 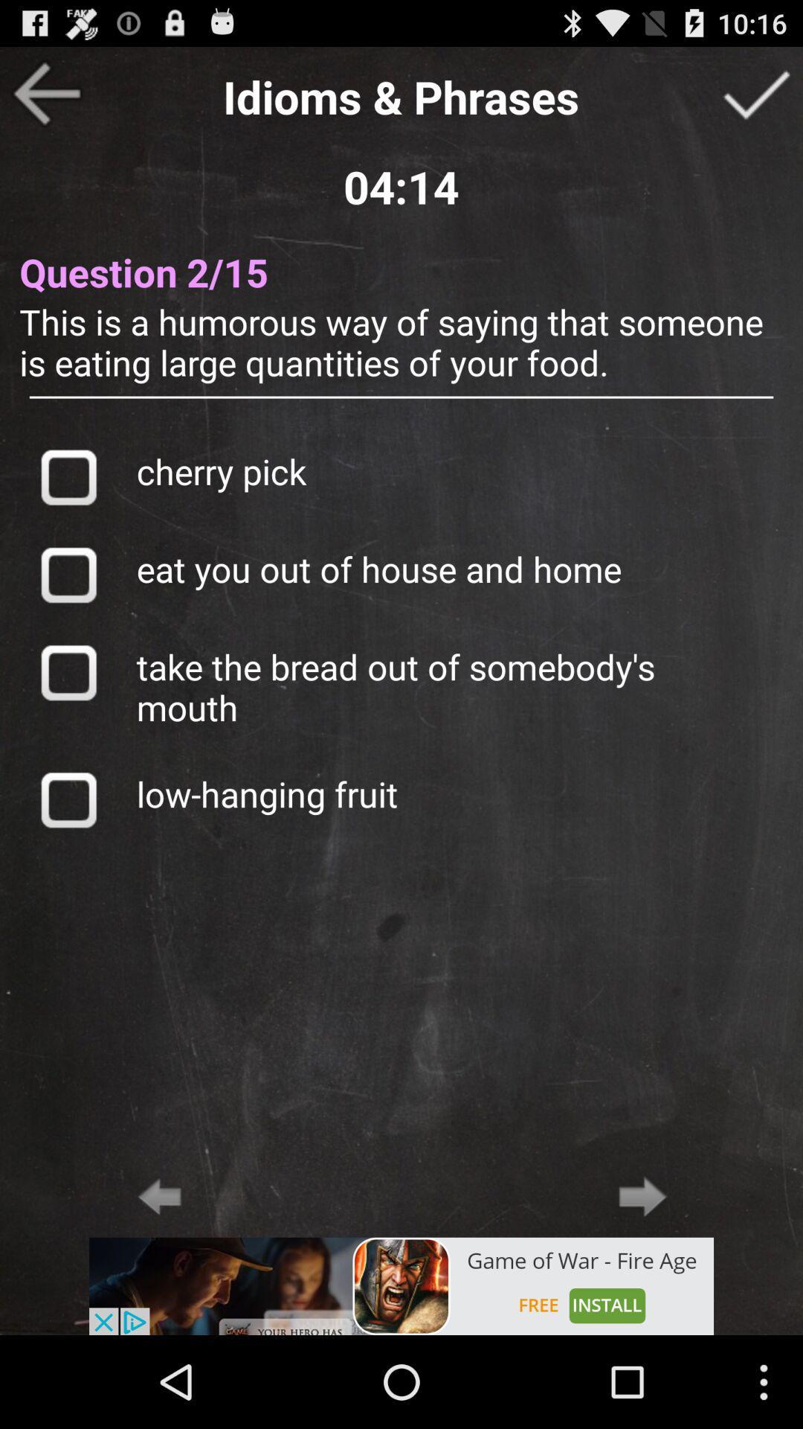 What do you see at coordinates (159, 1196) in the screenshot?
I see `go back` at bounding box center [159, 1196].